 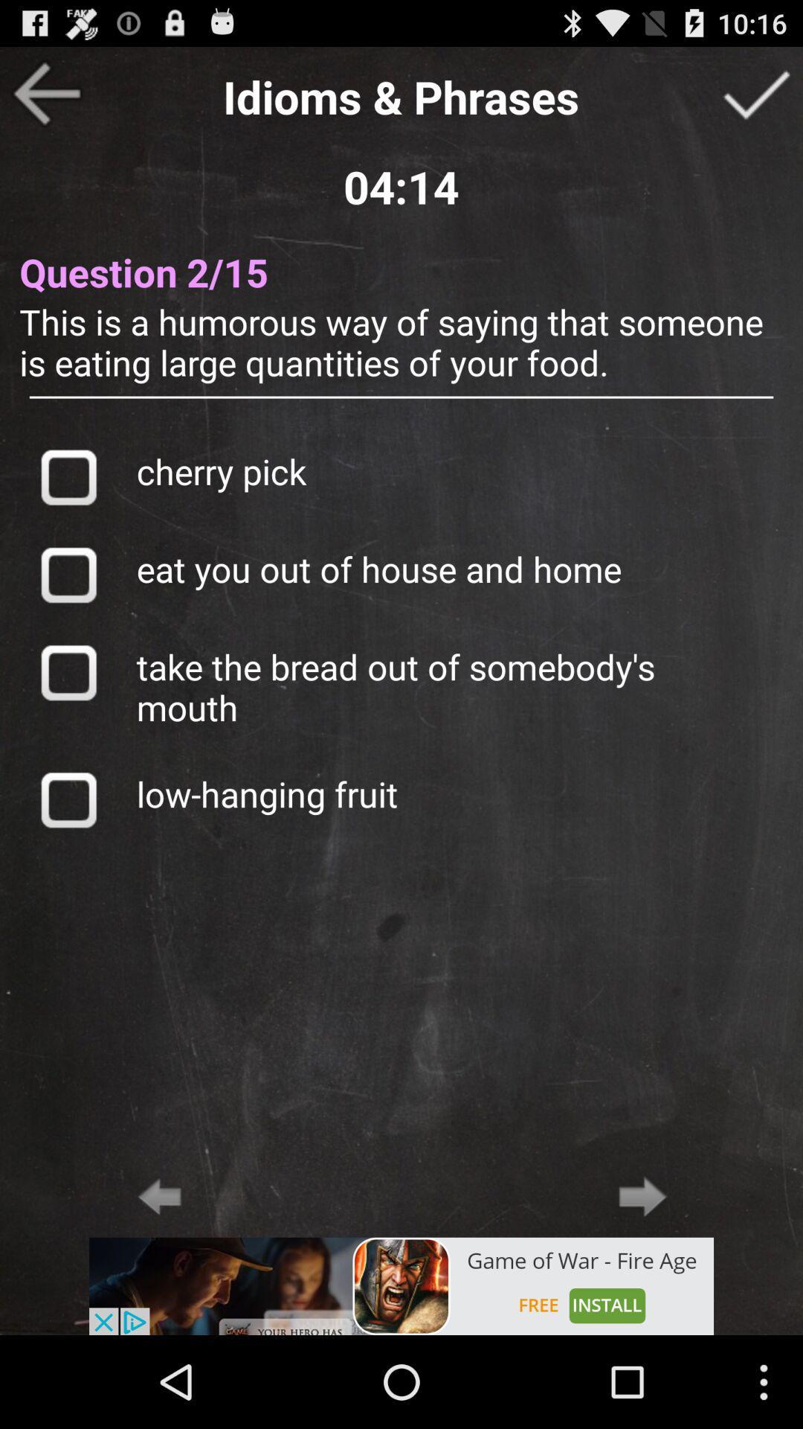 What do you see at coordinates (159, 1196) in the screenshot?
I see `go back` at bounding box center [159, 1196].